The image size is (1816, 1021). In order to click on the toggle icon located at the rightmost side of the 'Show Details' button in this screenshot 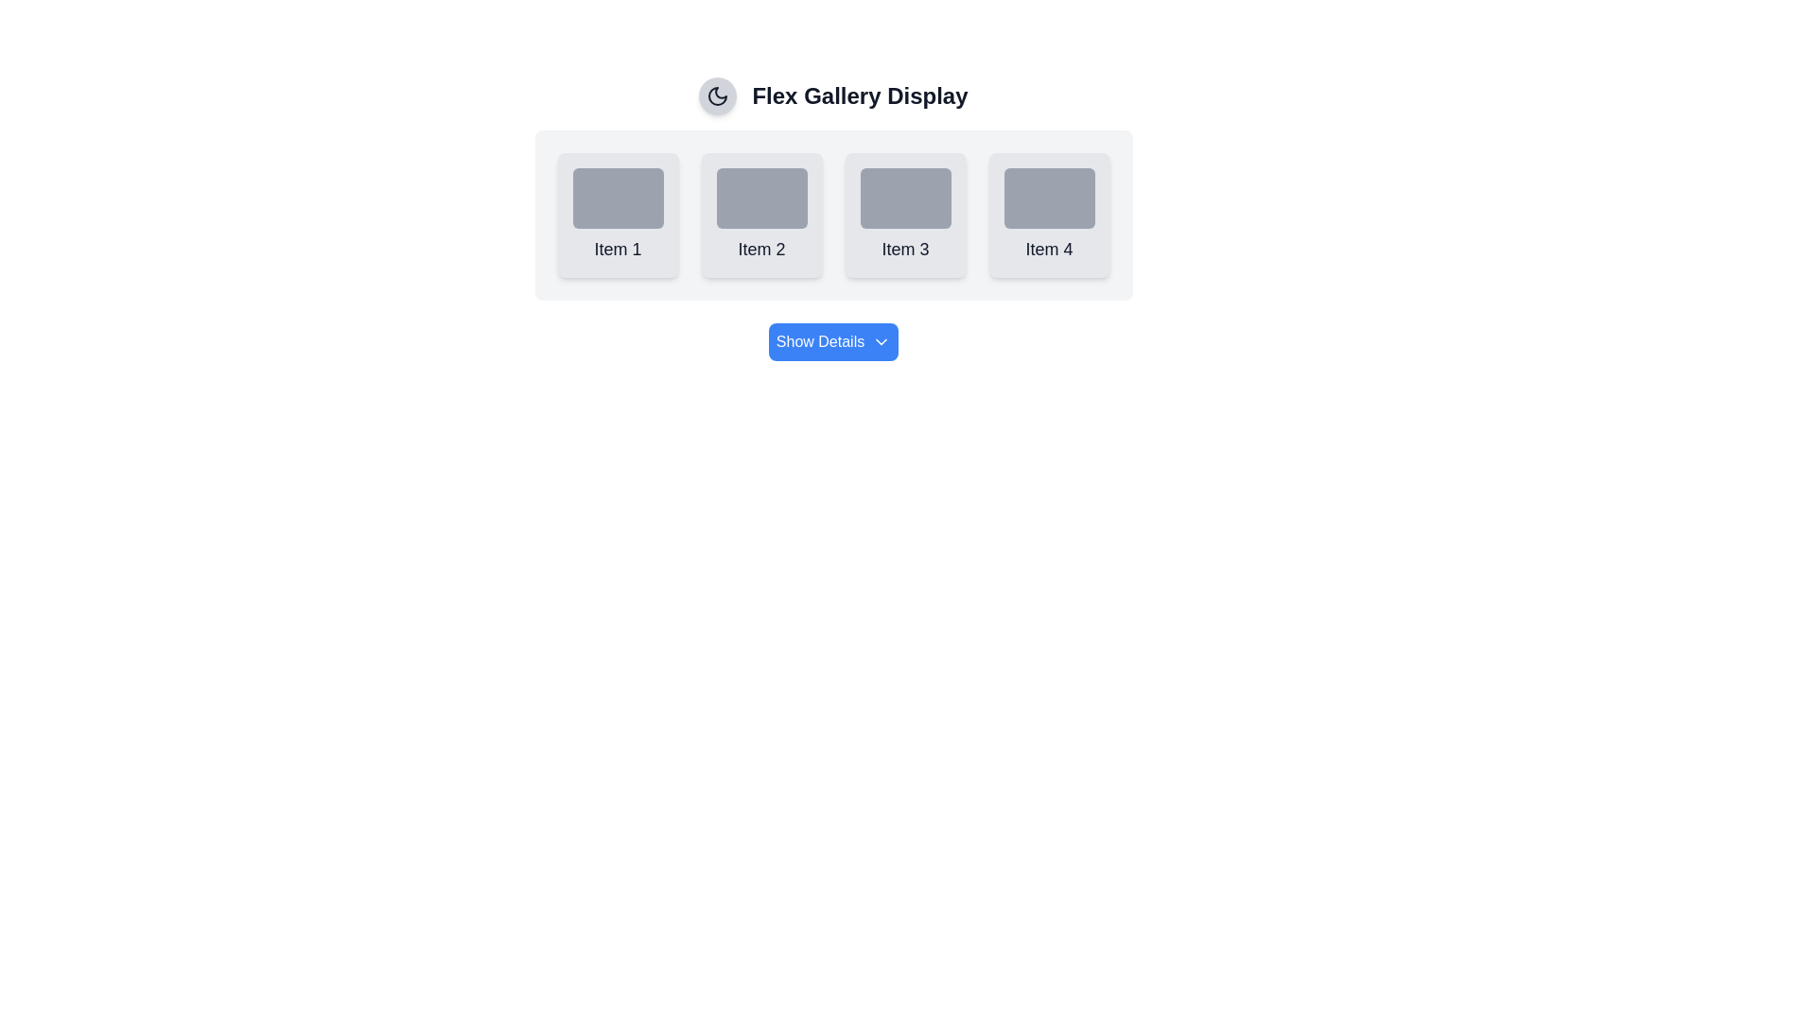, I will do `click(881, 342)`.